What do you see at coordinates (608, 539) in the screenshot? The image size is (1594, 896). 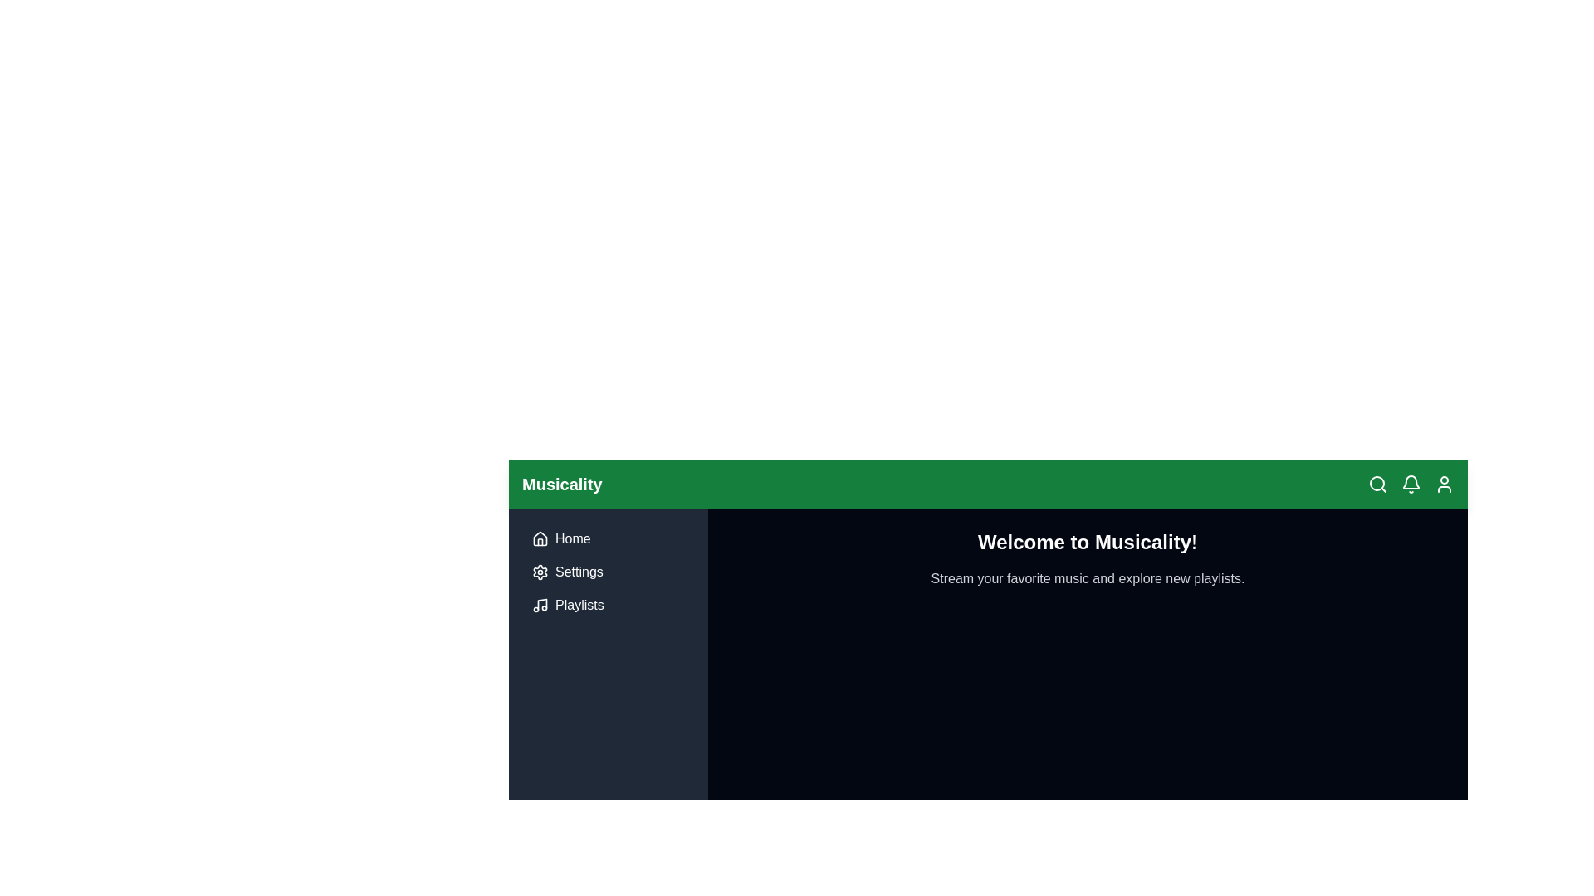 I see `the 'Home' button in the sidebar menu` at bounding box center [608, 539].